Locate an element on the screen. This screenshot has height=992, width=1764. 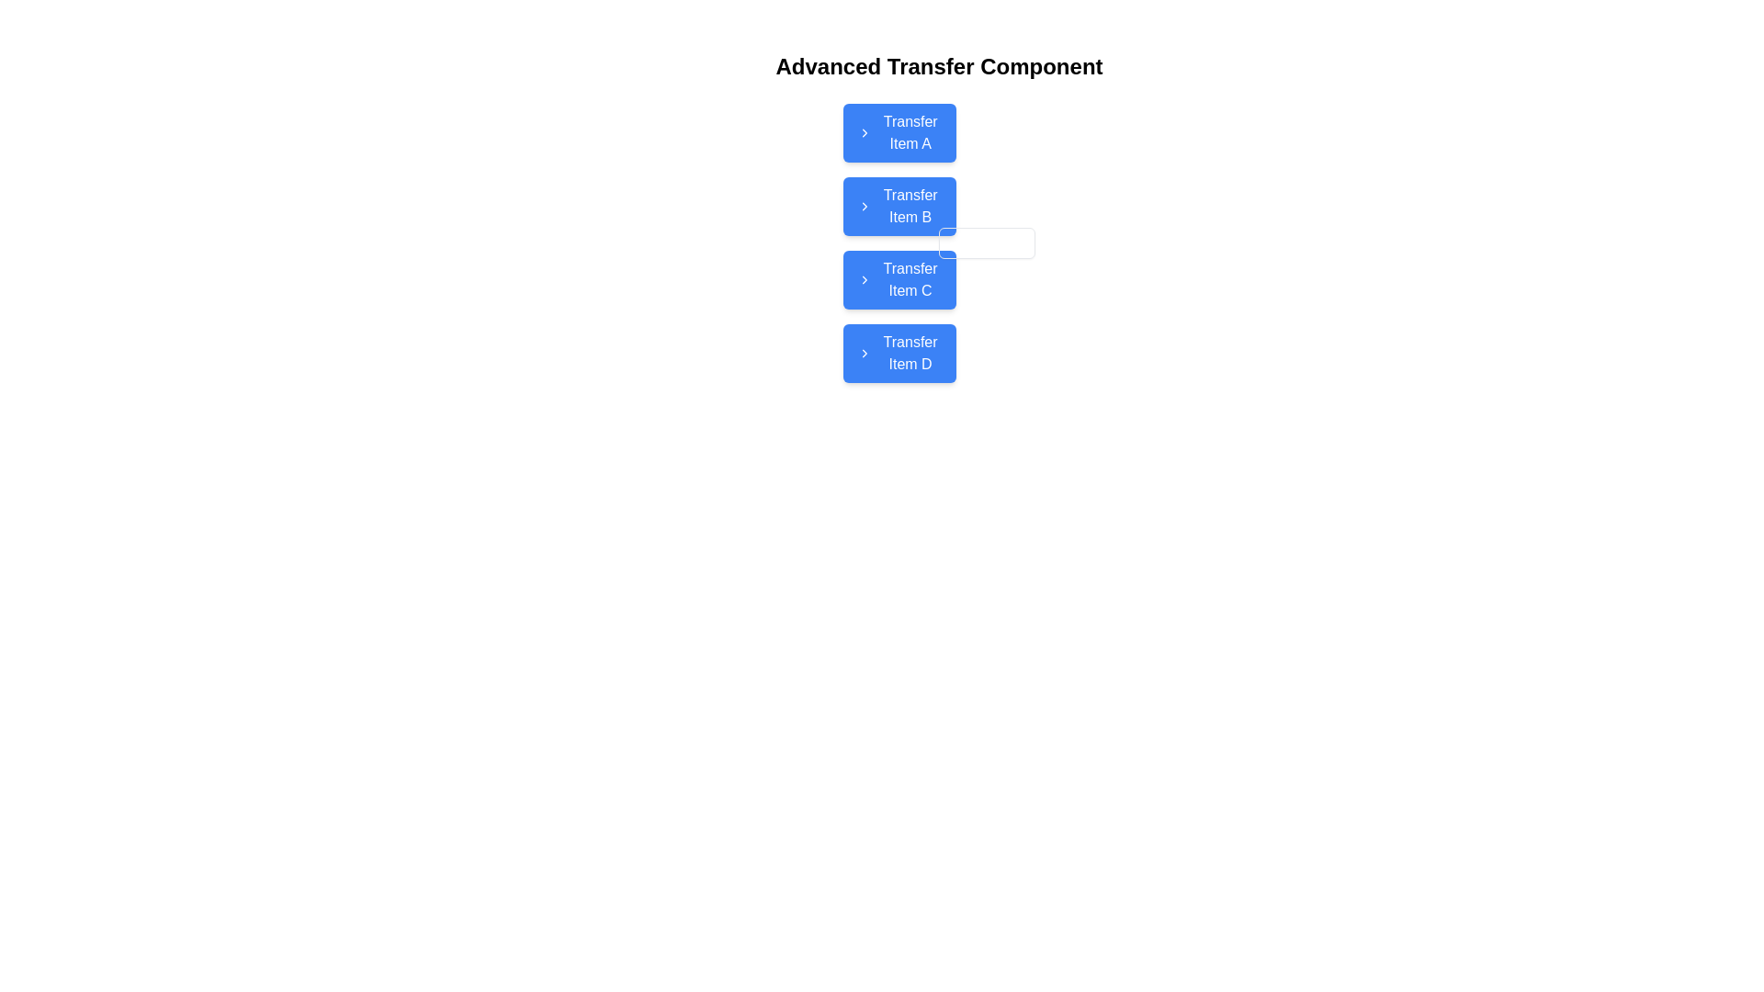
the button labeled 'Item B' is located at coordinates (899, 206).